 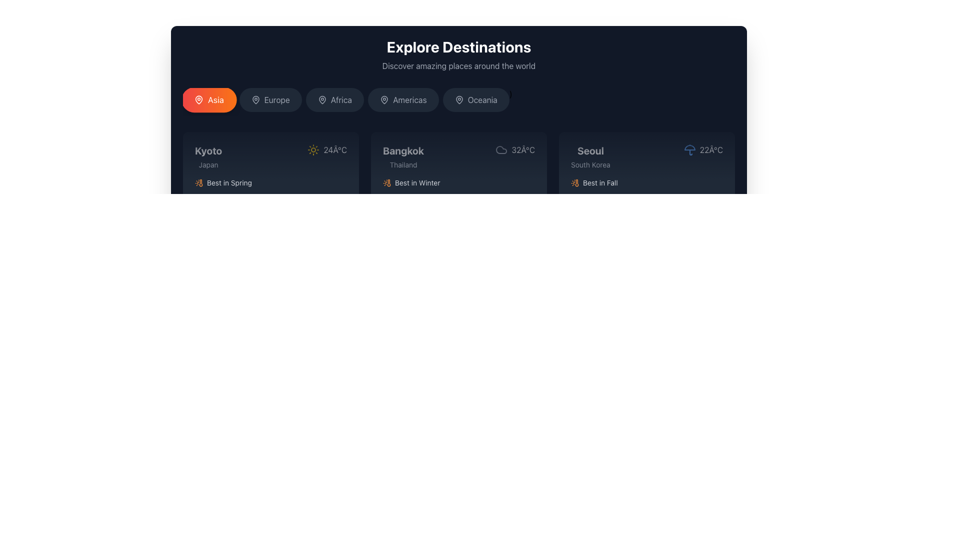 What do you see at coordinates (208, 156) in the screenshot?
I see `the static text label displaying 'Kyoto' in bold, large font and 'Japan' in smaller gray font, located in the top-left region of a card-like structure` at bounding box center [208, 156].